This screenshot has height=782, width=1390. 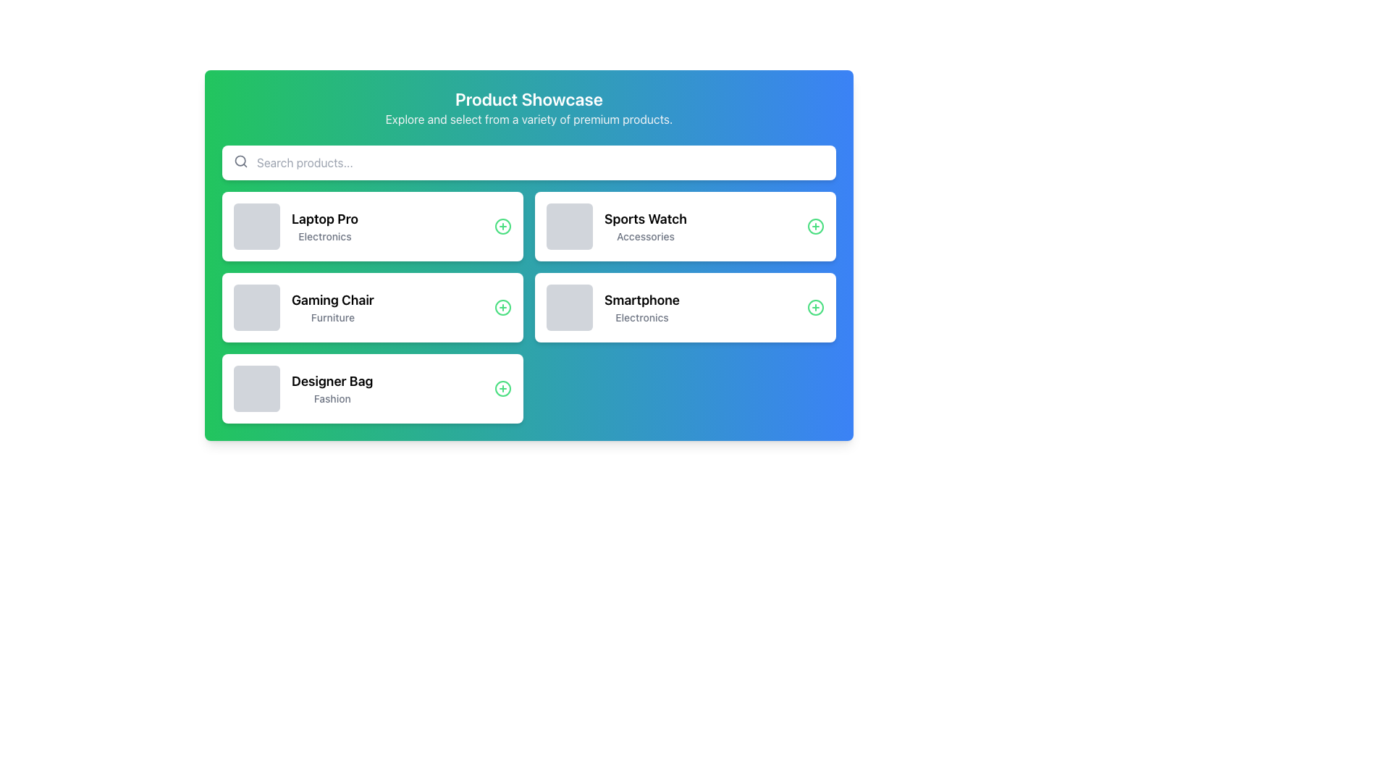 What do you see at coordinates (816, 306) in the screenshot?
I see `the interactive button located in the top-right corner of the 'Smartphone Electronics' card` at bounding box center [816, 306].